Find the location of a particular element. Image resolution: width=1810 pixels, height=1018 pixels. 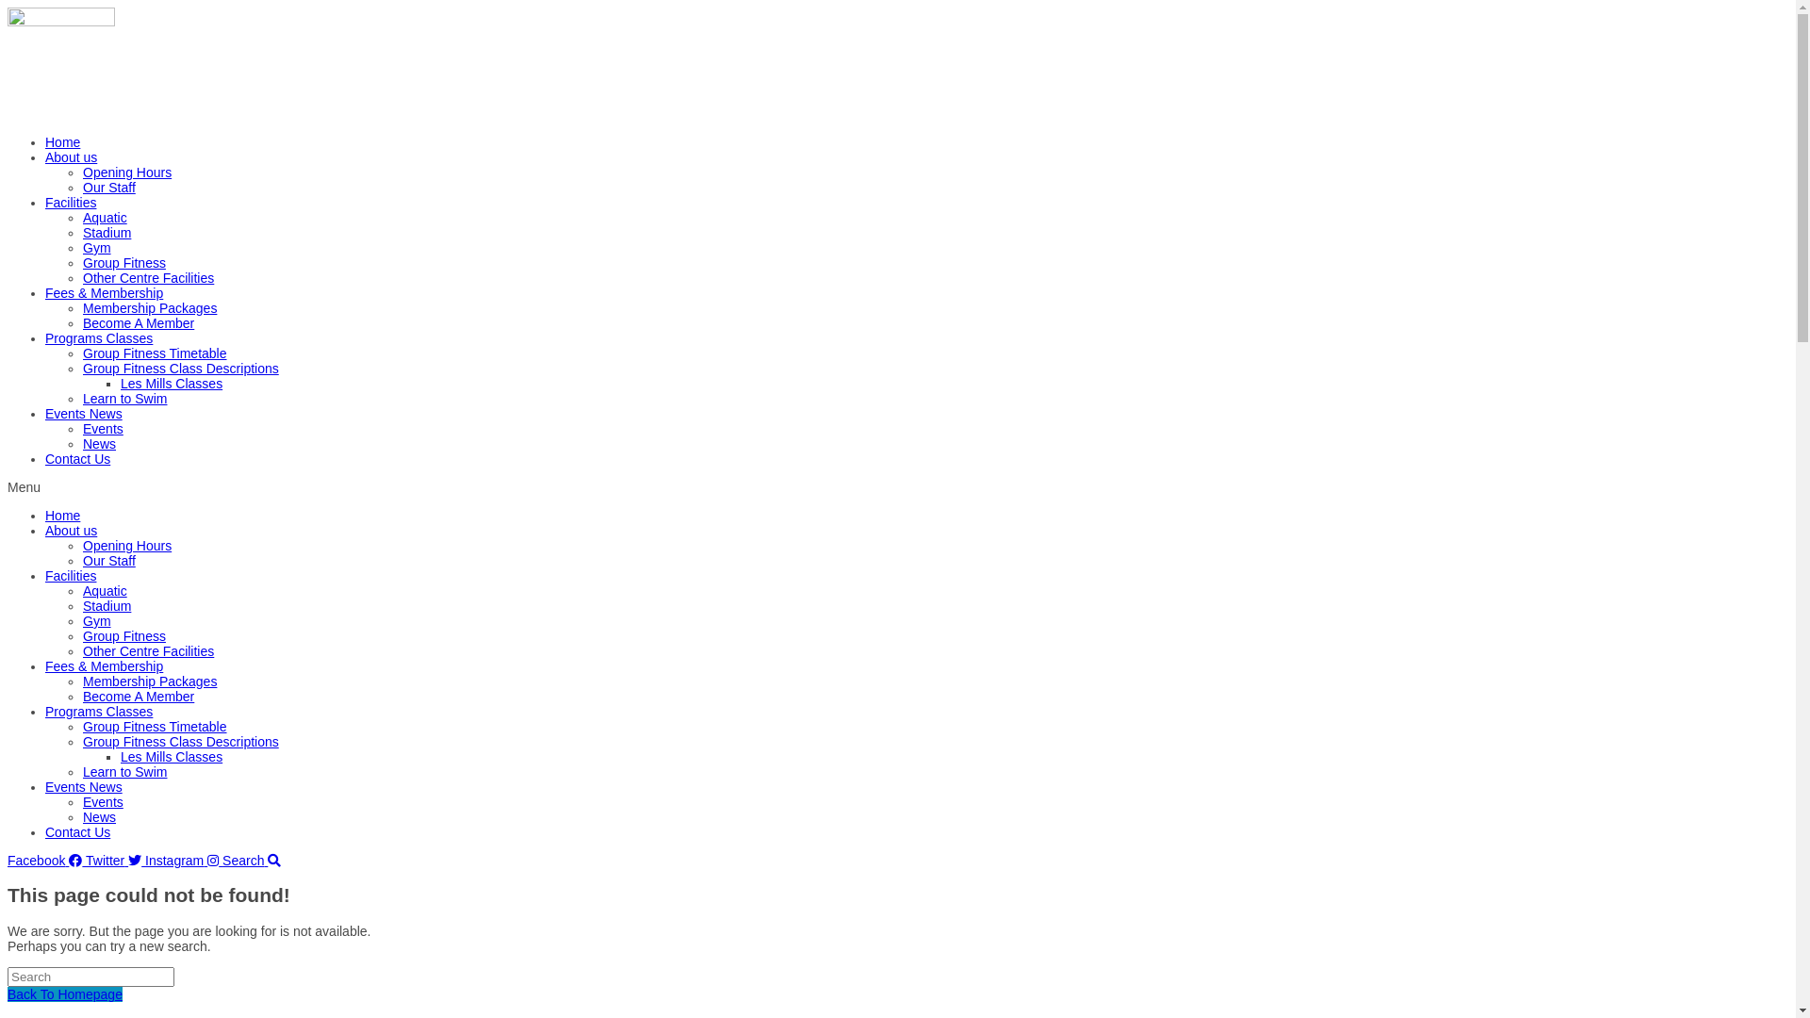

'Search' is located at coordinates (251, 861).